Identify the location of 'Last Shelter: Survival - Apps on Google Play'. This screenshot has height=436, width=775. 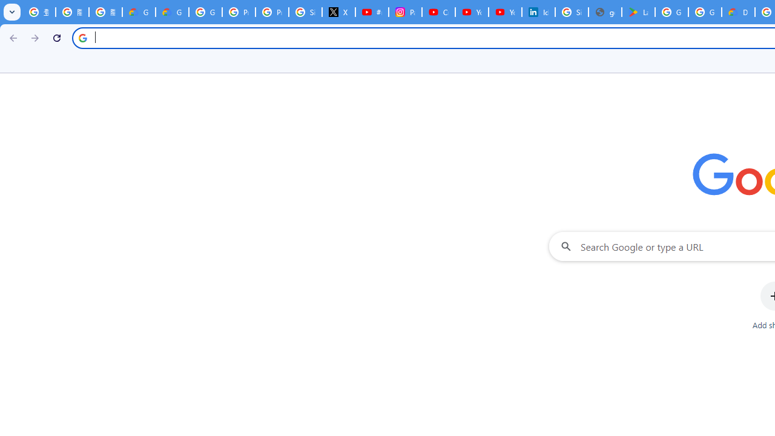
(638, 12).